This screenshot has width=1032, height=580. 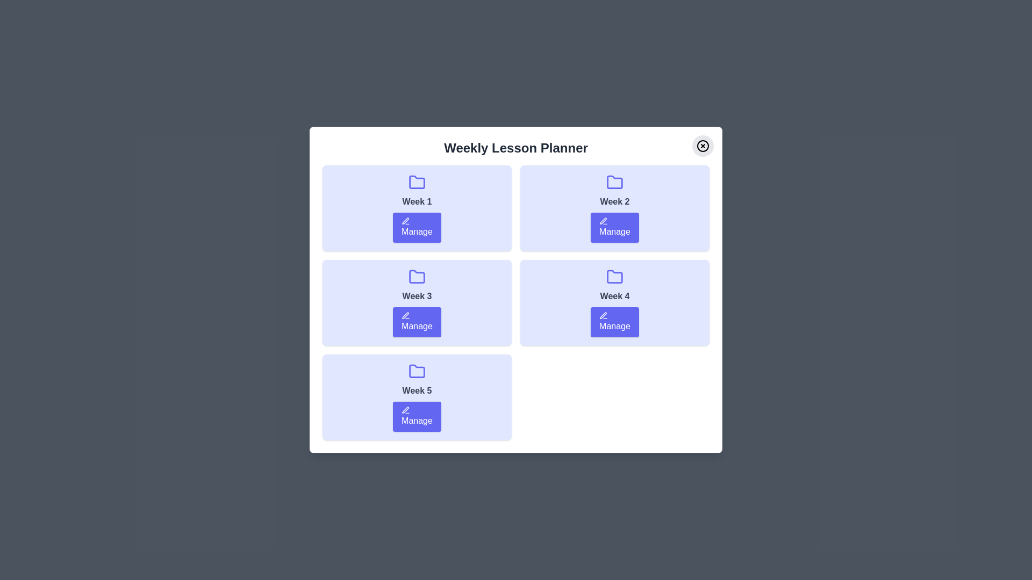 I want to click on 'Manage' button for Week 2, so click(x=614, y=227).